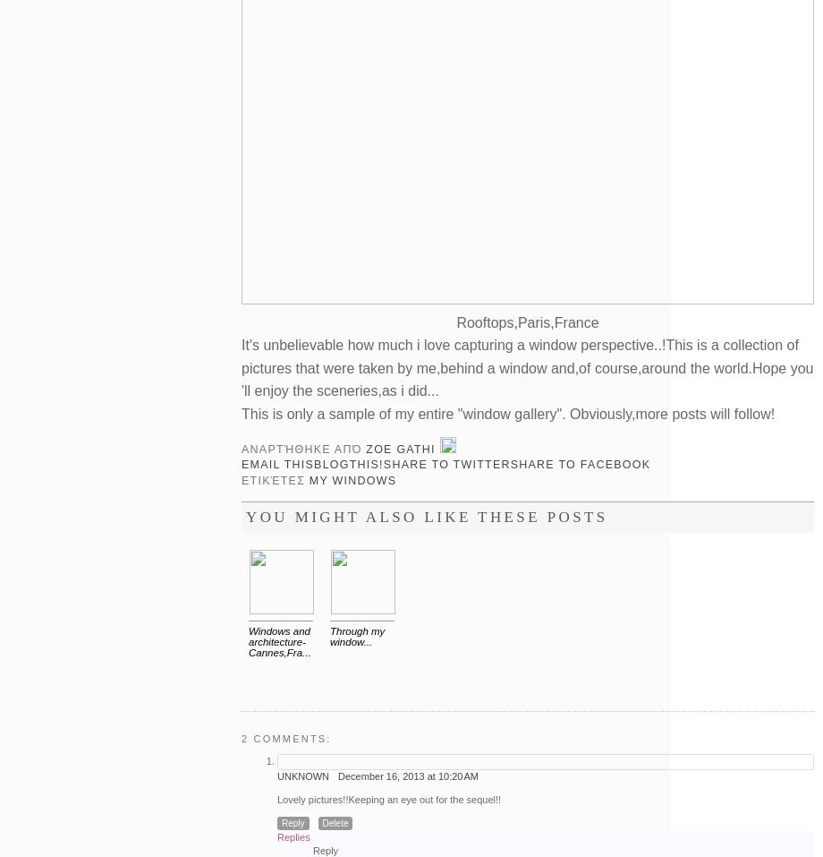 The width and height of the screenshot is (823, 857). Describe the element at coordinates (277, 464) in the screenshot. I see `'Email This'` at that location.